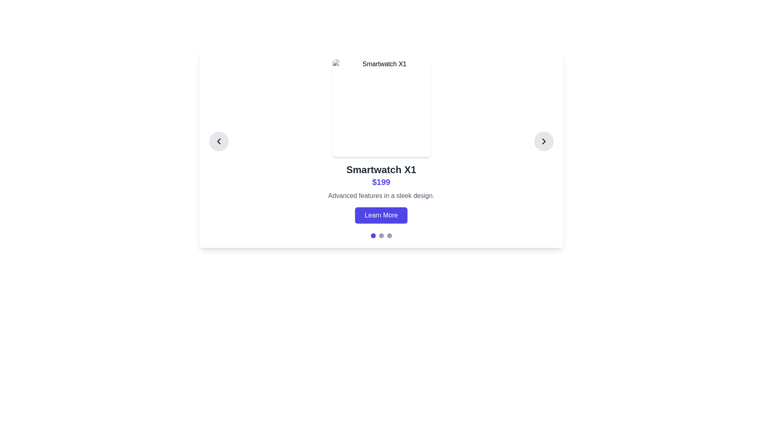 This screenshot has height=439, width=780. What do you see at coordinates (381, 196) in the screenshot?
I see `the text label displaying 'Advanced features in a sleek design.' which is centrally aligned and positioned between the text '$199' and the 'Learn More' button` at bounding box center [381, 196].